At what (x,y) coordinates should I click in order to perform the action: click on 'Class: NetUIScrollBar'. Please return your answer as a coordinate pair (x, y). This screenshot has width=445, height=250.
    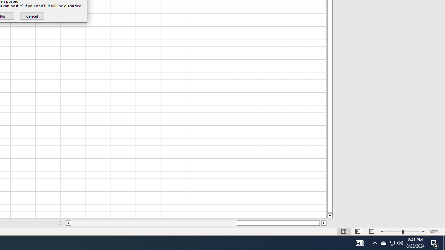
    Looking at the image, I should click on (196, 223).